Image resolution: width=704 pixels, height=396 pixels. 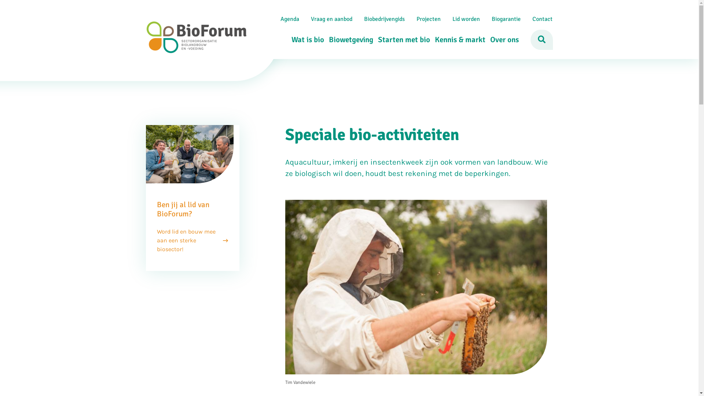 I want to click on 'Kennis & markt', so click(x=457, y=40).